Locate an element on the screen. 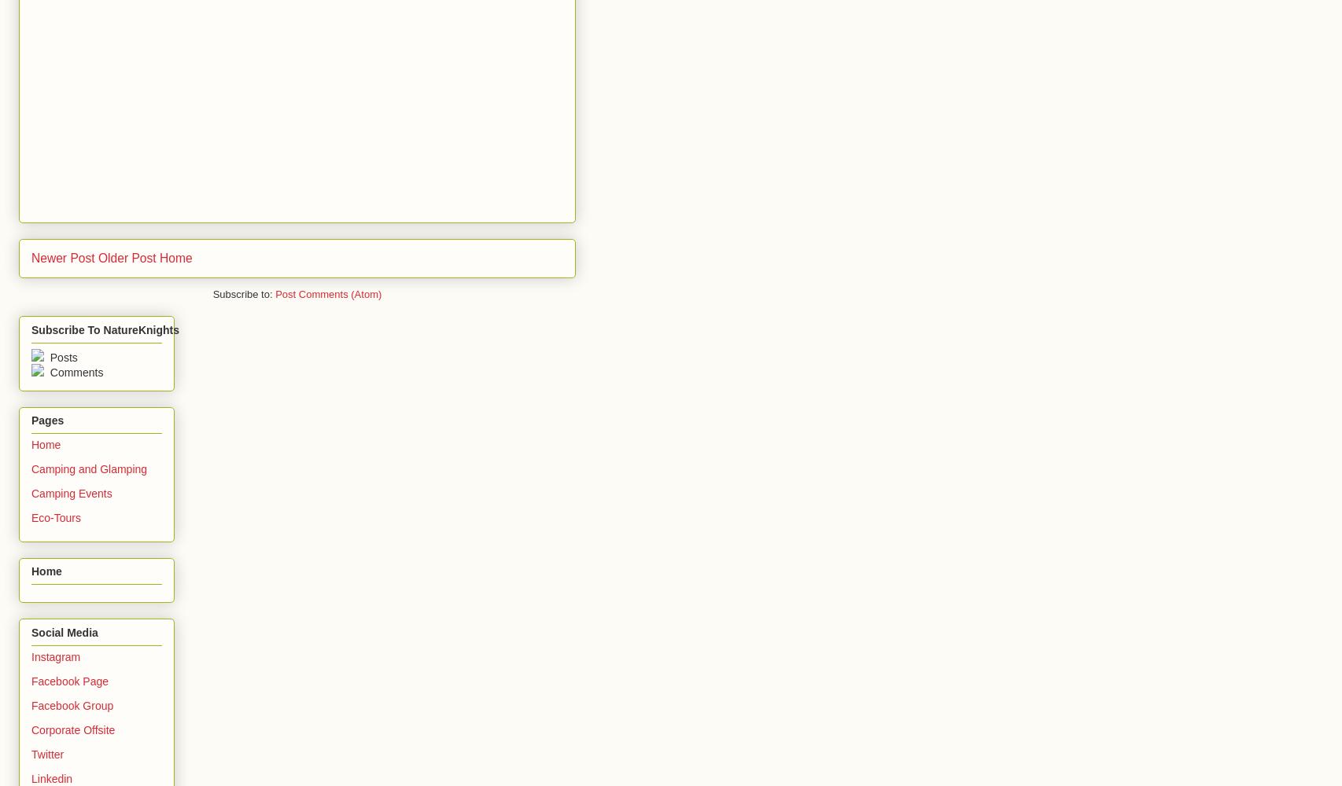  'Subscribe To NatureKnights' is located at coordinates (105, 329).